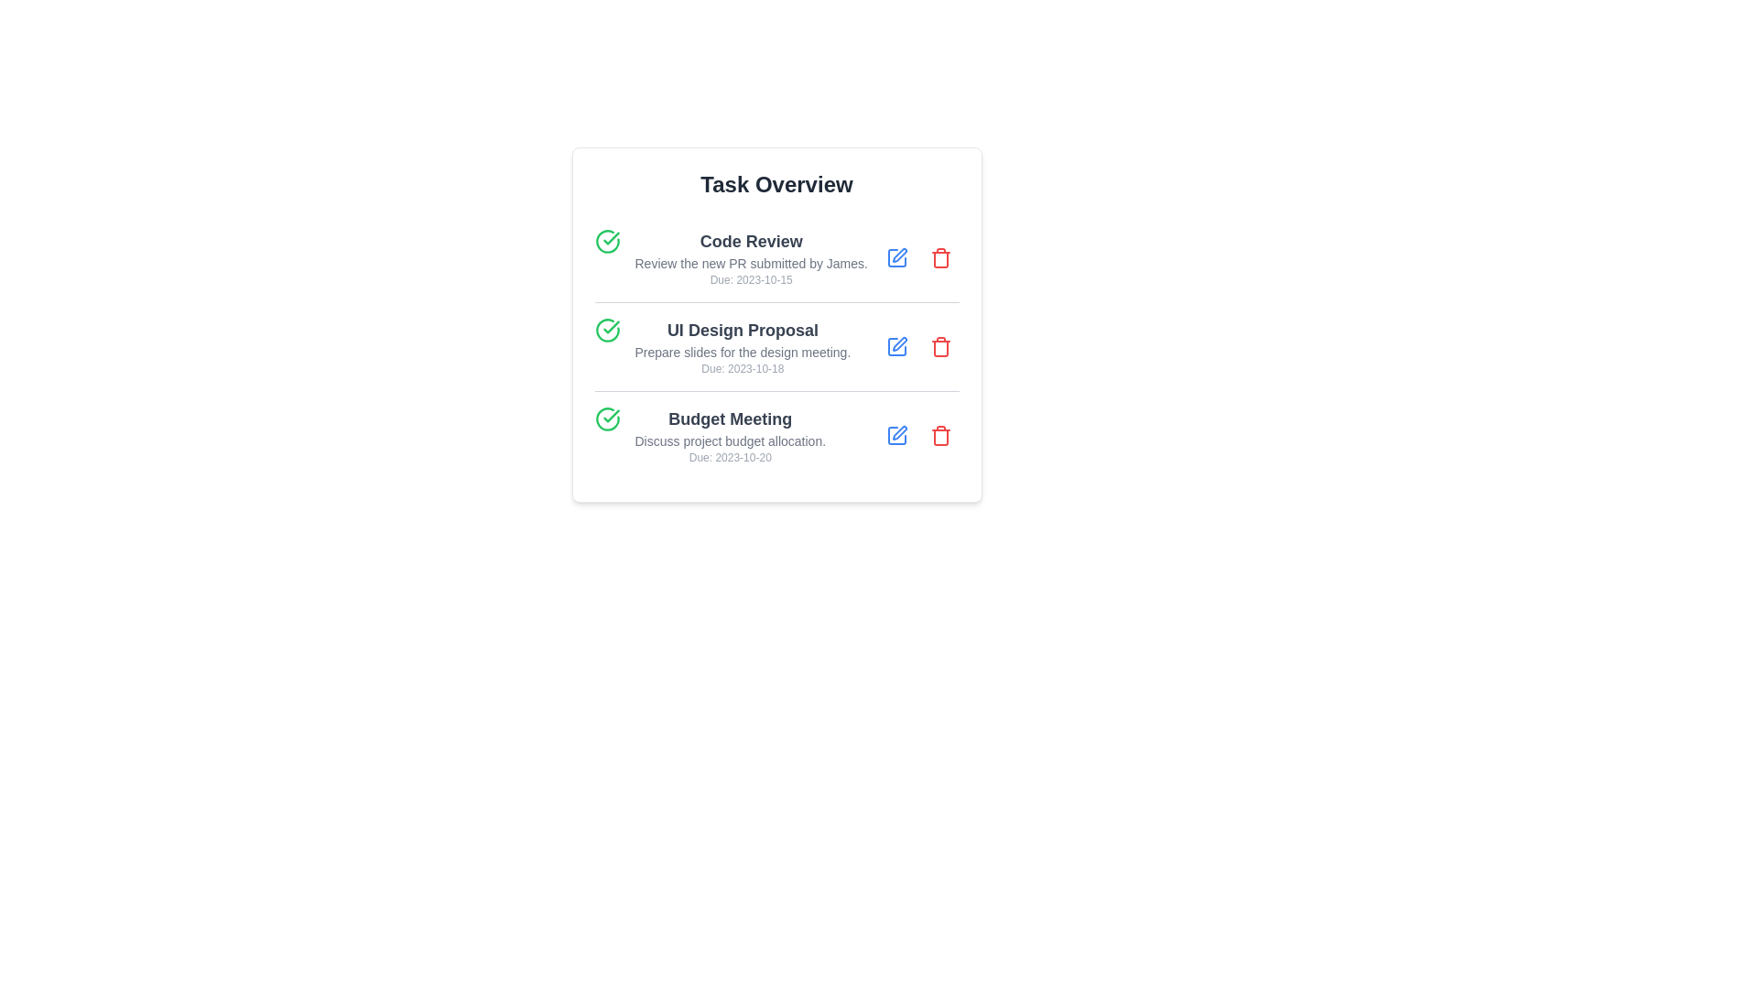 The height and width of the screenshot is (989, 1758). I want to click on the checkmark icon for the task titled 'Code Review' to mark it as completed, so click(607, 240).